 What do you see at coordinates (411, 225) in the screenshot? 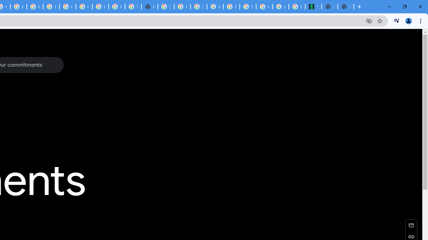
I see `'Share this page (Email)'` at bounding box center [411, 225].